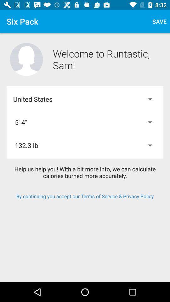 The image size is (170, 302). I want to click on 5' 4'' icon, so click(85, 122).